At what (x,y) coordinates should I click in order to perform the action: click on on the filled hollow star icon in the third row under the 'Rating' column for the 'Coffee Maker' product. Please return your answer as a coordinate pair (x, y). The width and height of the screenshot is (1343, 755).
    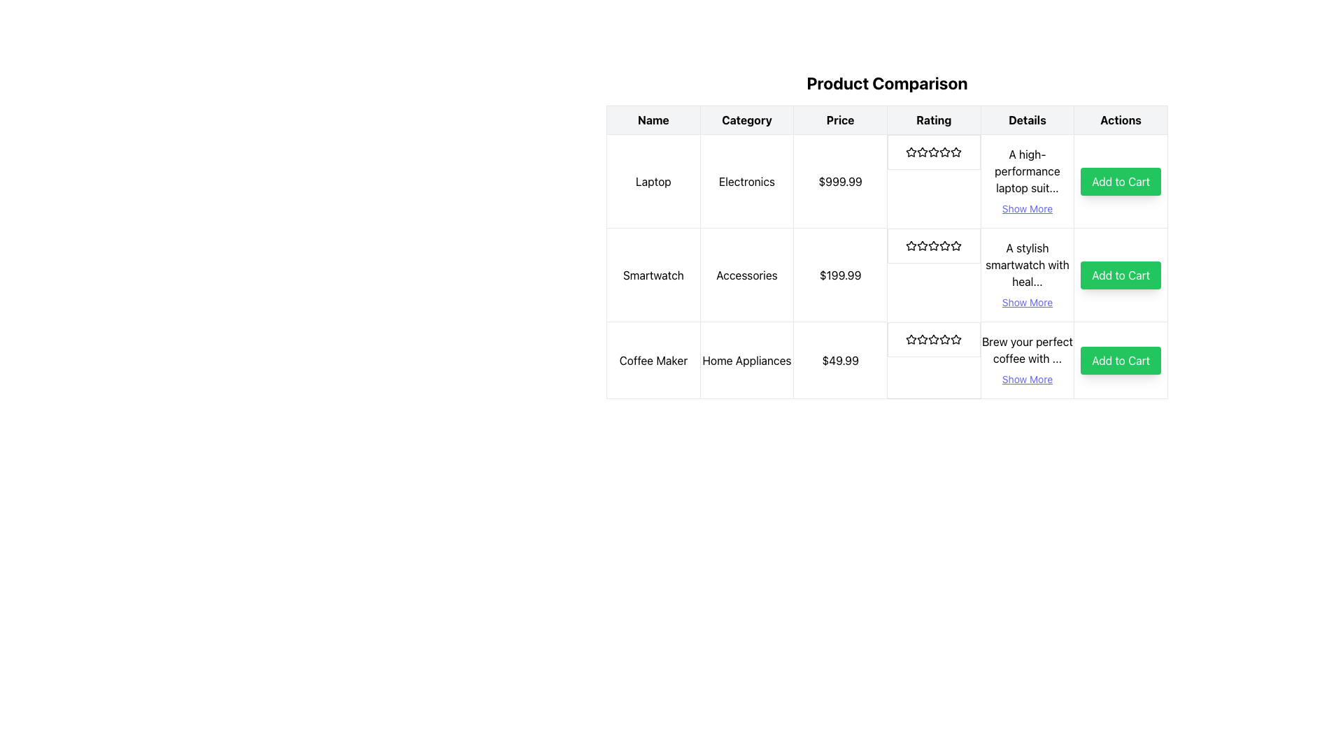
    Looking at the image, I should click on (955, 339).